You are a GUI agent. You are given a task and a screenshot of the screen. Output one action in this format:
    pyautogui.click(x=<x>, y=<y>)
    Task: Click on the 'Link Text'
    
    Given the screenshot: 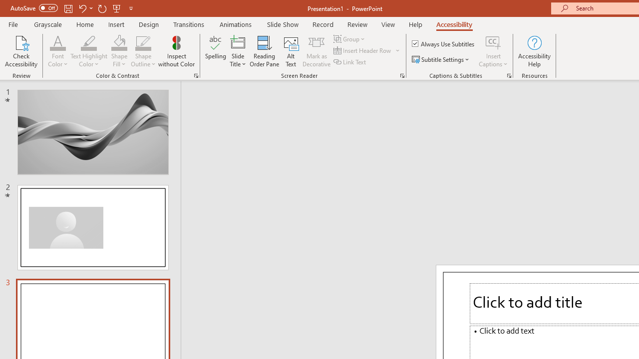 What is the action you would take?
    pyautogui.click(x=350, y=62)
    